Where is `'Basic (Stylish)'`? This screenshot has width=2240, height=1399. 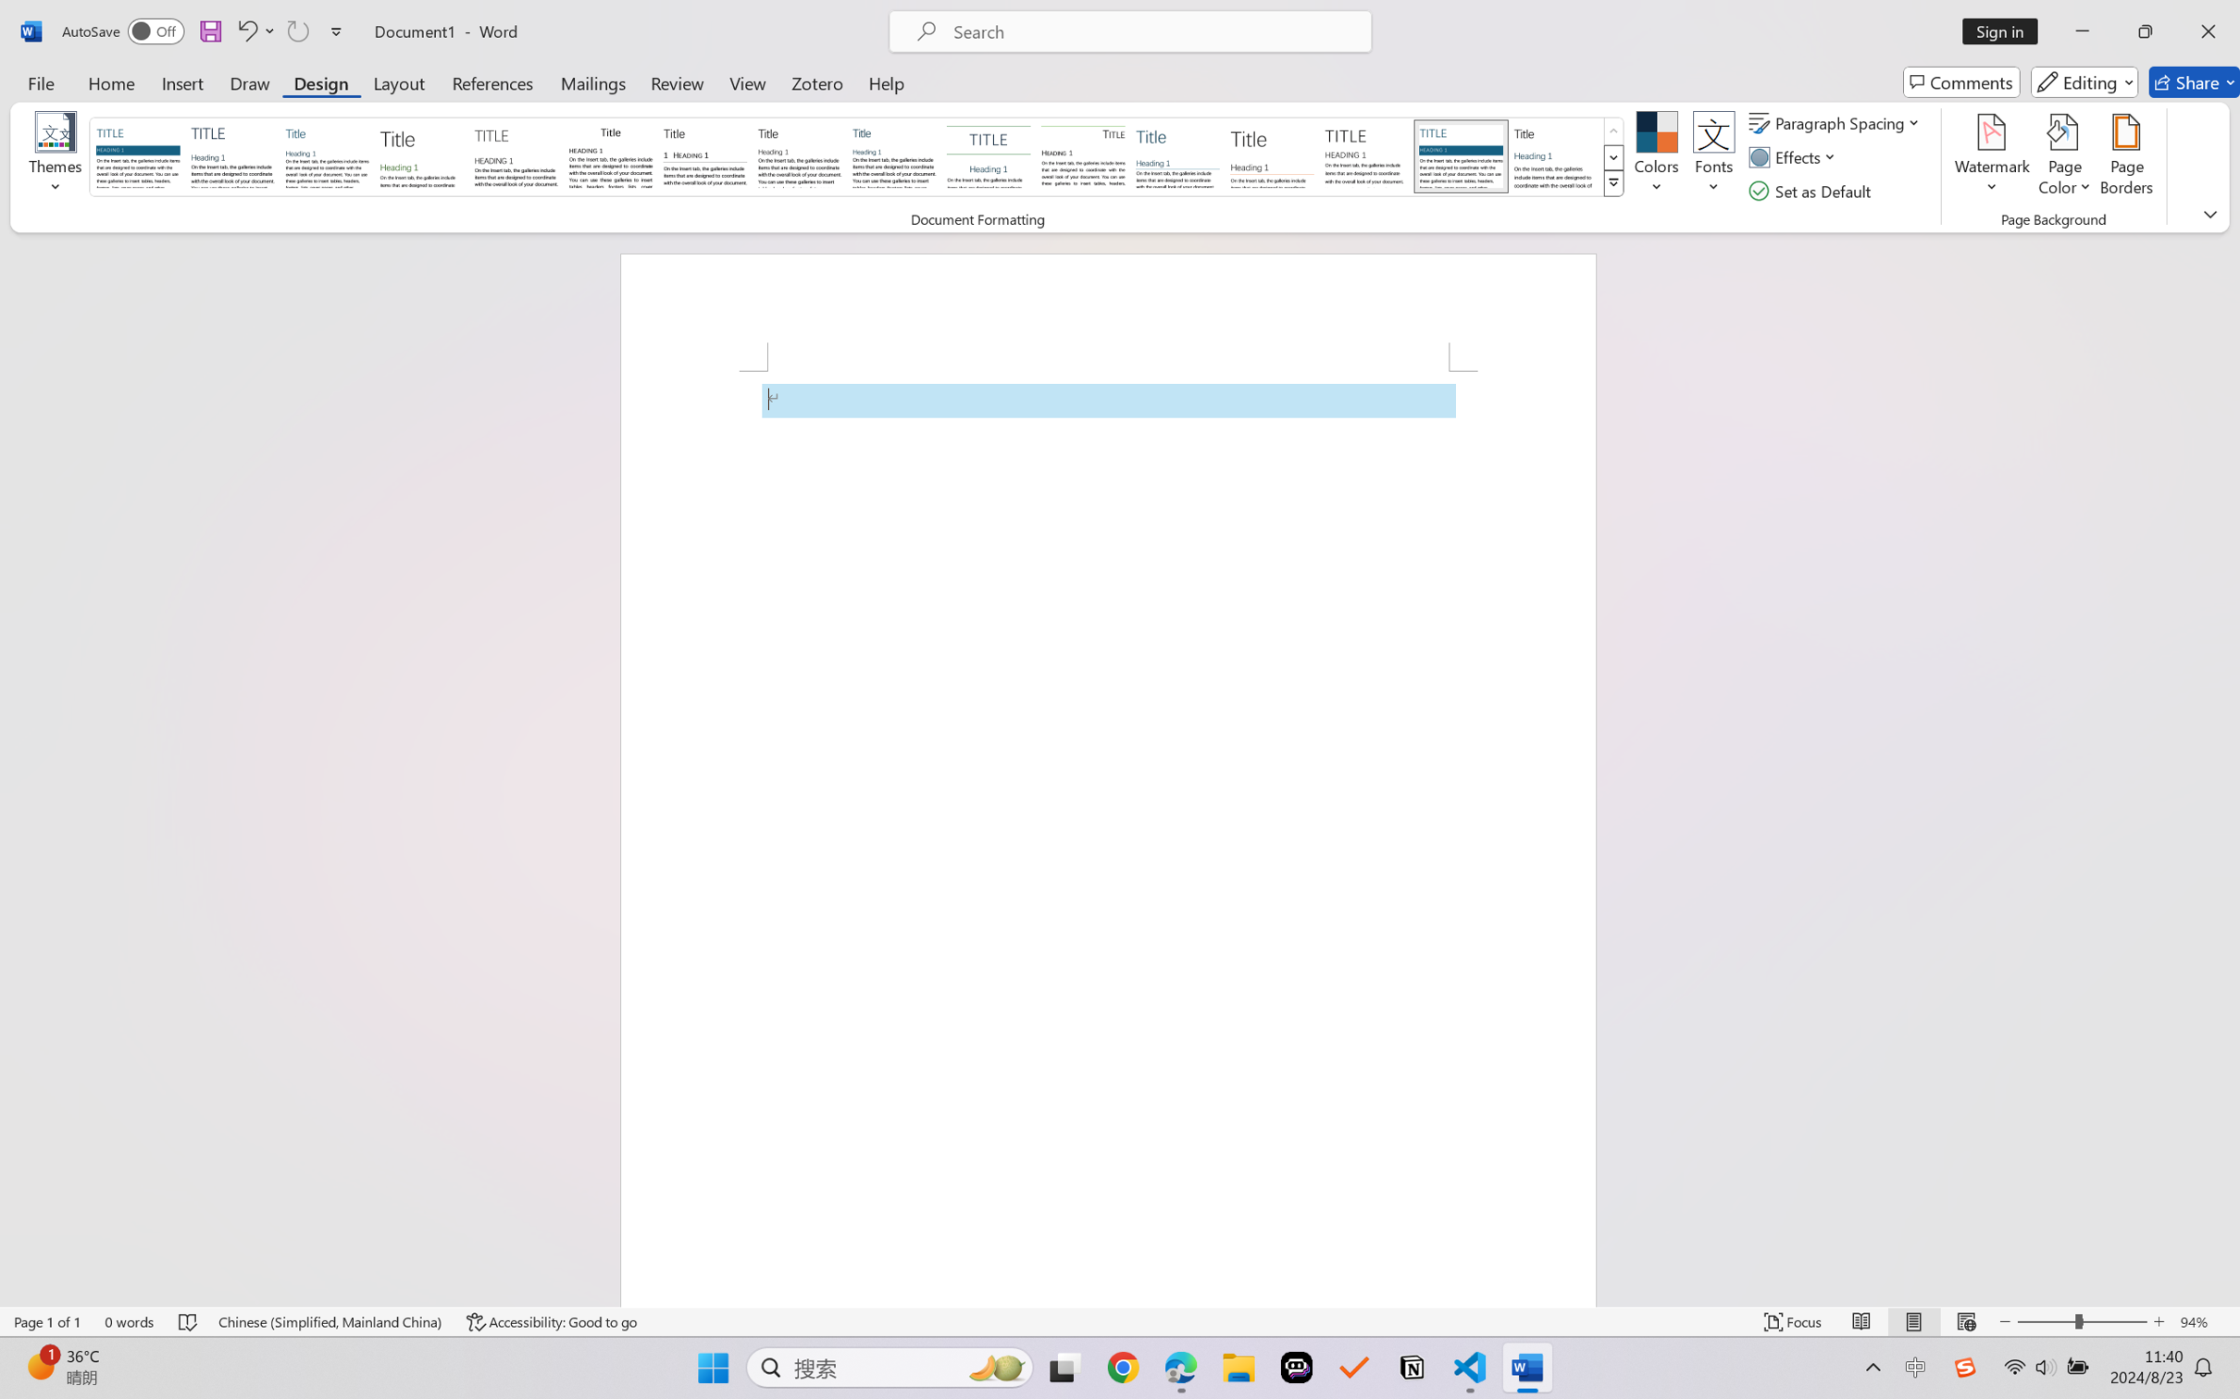 'Basic (Stylish)' is located at coordinates (420, 155).